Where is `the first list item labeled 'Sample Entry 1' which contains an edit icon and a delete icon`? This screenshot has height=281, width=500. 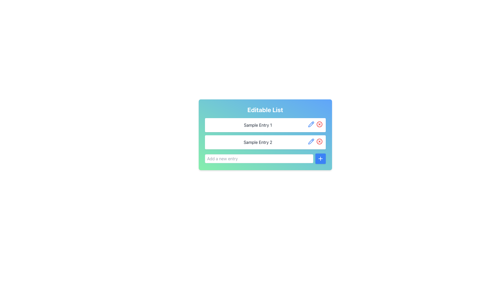
the first list item labeled 'Sample Entry 1' which contains an edit icon and a delete icon is located at coordinates (265, 125).